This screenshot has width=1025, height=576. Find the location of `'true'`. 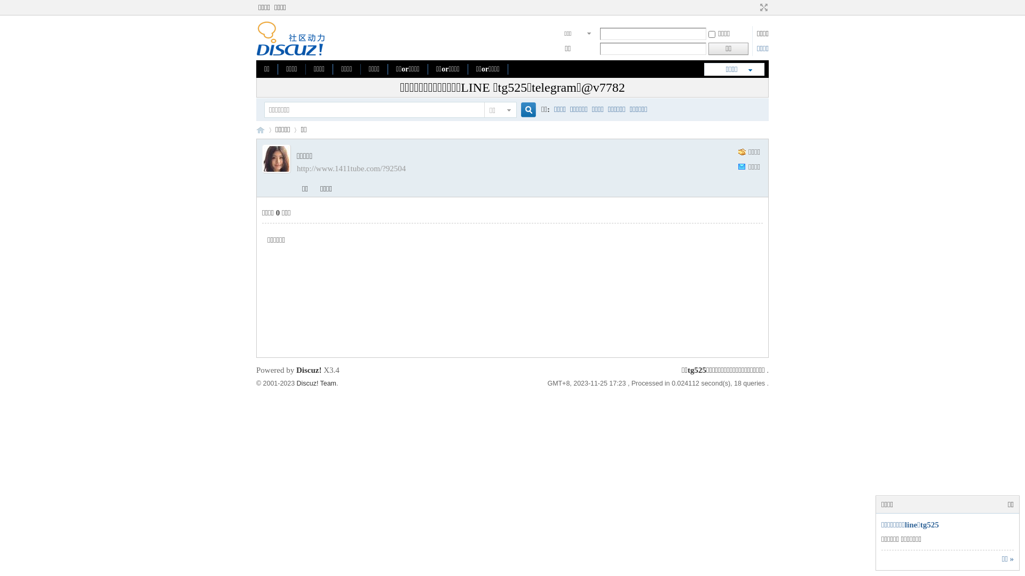

'true' is located at coordinates (525, 110).